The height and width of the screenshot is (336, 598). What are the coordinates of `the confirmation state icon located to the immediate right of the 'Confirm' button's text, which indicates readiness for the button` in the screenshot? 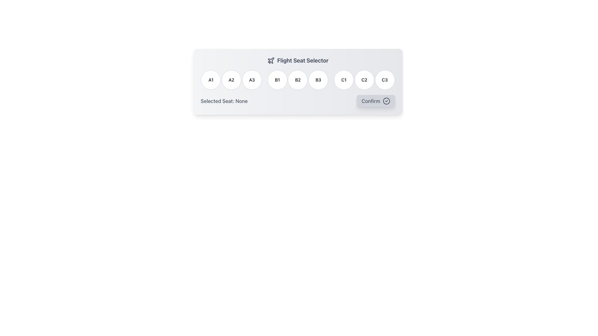 It's located at (386, 100).